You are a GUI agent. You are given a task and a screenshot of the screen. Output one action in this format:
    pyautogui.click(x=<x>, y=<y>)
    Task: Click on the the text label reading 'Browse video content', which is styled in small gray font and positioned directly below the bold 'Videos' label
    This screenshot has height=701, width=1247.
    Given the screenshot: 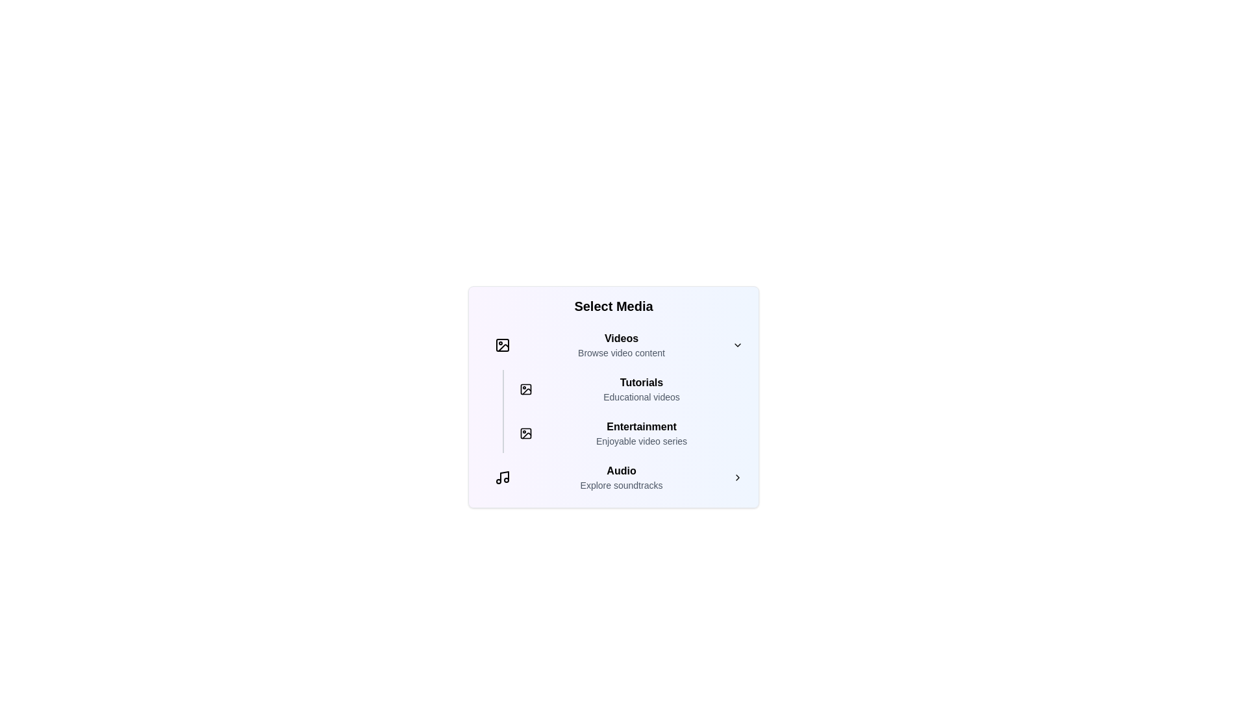 What is the action you would take?
    pyautogui.click(x=620, y=352)
    